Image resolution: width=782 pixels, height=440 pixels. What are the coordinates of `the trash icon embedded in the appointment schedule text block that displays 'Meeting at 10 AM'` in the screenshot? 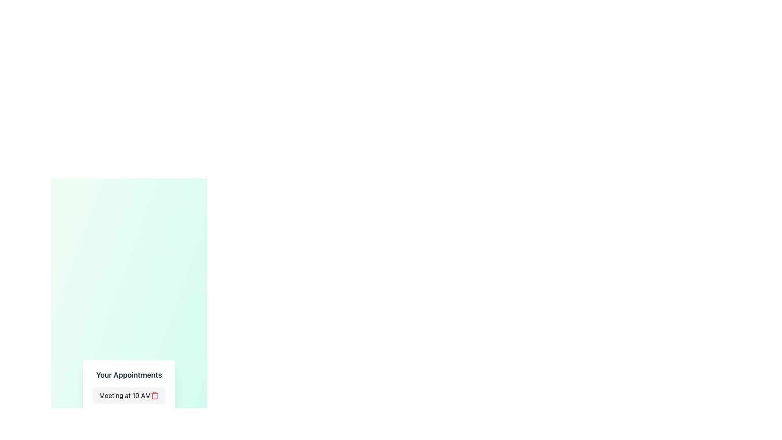 It's located at (128, 398).